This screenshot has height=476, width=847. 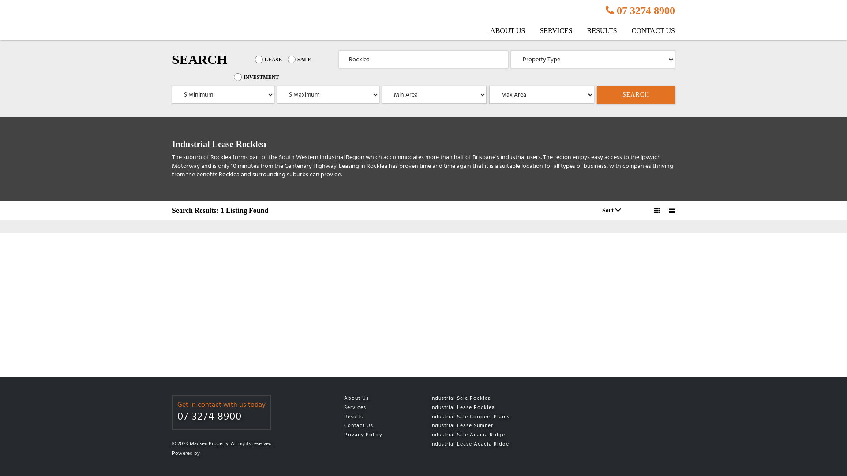 What do you see at coordinates (487, 425) in the screenshot?
I see `'Industrial Lease Sumner'` at bounding box center [487, 425].